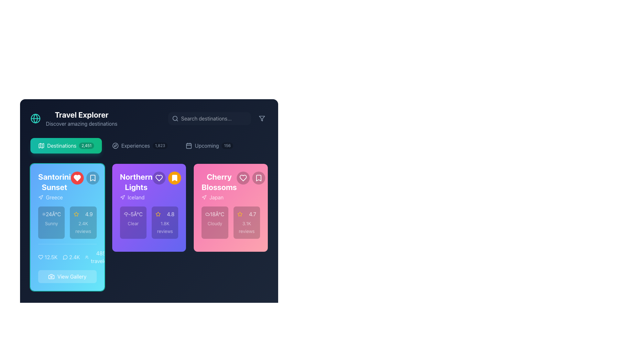 This screenshot has width=621, height=349. Describe the element at coordinates (76, 214) in the screenshot. I see `the star-shaped rating icon with a yellow color fill located within the purple card labeled 'Northern Lights' to interact with it for rating purposes` at that location.